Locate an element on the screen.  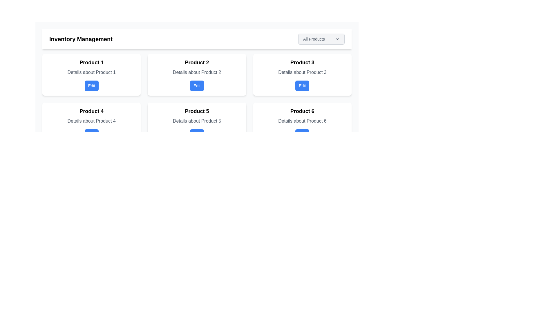
the text label 'Product 2' which is prominently displayed in bold font at the top center of the second card in a grid layout is located at coordinates (197, 63).